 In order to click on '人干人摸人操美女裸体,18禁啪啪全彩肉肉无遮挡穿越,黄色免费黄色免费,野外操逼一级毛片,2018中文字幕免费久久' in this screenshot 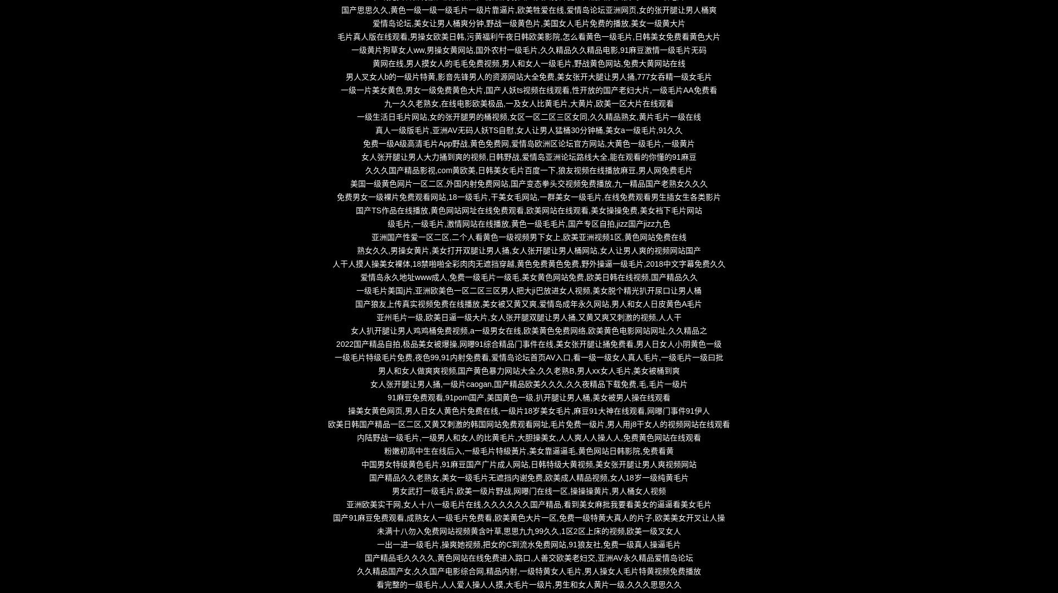, I will do `click(528, 263)`.